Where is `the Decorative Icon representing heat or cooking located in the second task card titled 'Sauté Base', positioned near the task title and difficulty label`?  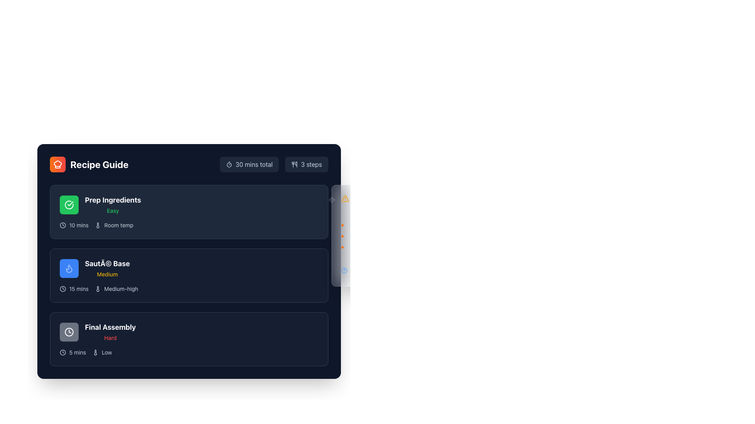
the Decorative Icon representing heat or cooking located in the second task card titled 'Sauté Base', positioned near the task title and difficulty label is located at coordinates (69, 268).